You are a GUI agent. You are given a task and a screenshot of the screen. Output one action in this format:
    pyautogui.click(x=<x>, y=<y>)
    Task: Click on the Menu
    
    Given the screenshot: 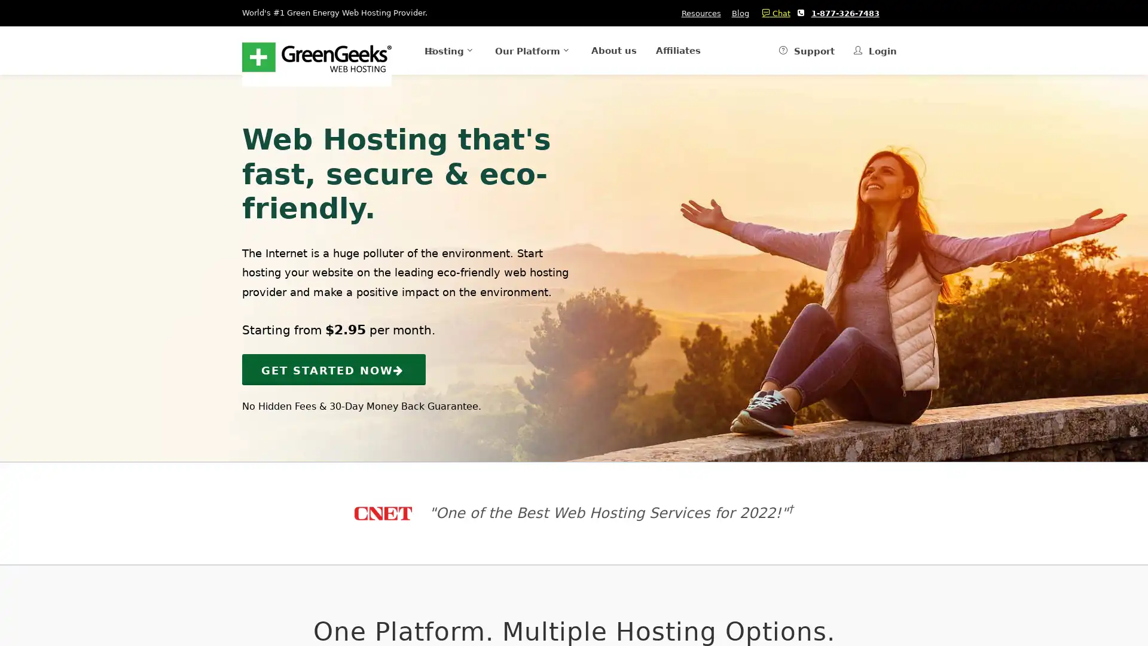 What is the action you would take?
    pyautogui.click(x=401, y=50)
    